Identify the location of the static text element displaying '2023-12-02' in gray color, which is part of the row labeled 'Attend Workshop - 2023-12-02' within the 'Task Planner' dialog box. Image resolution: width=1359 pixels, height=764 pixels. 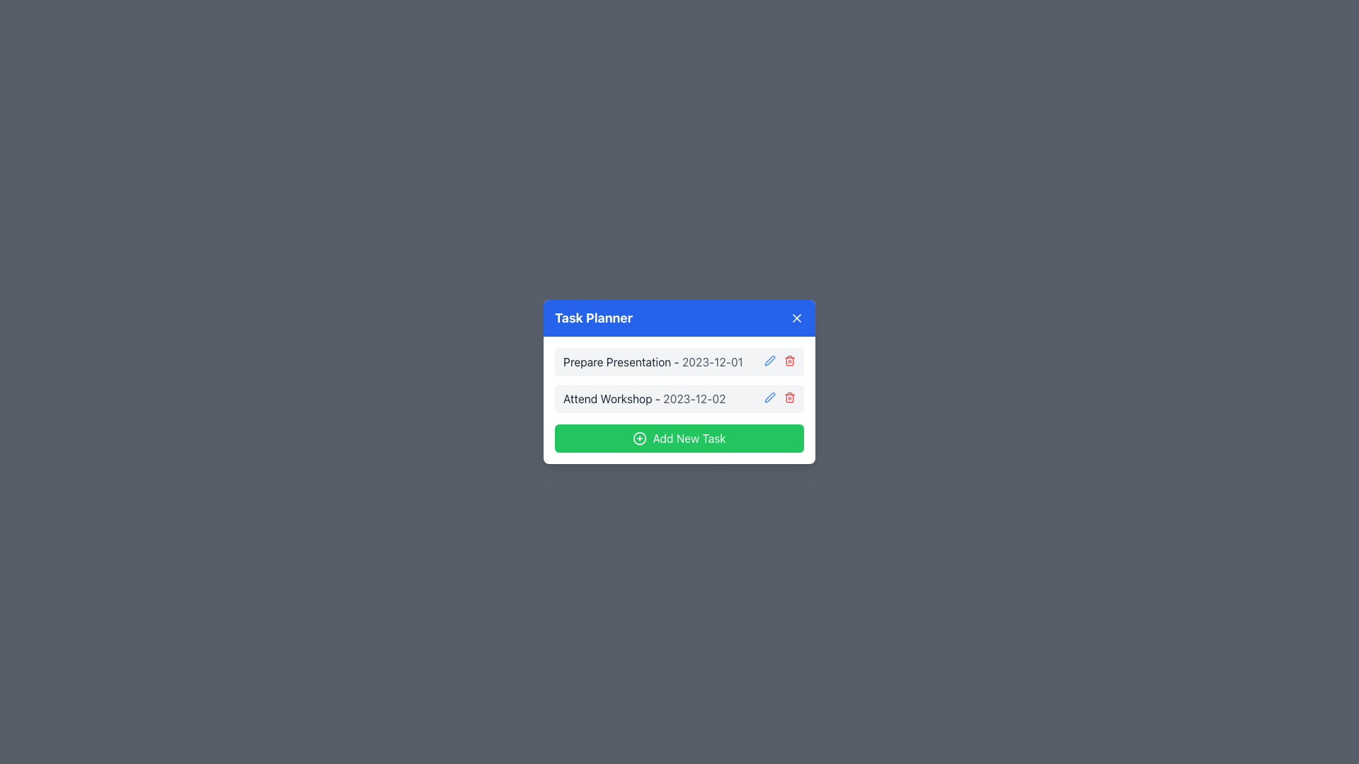
(694, 398).